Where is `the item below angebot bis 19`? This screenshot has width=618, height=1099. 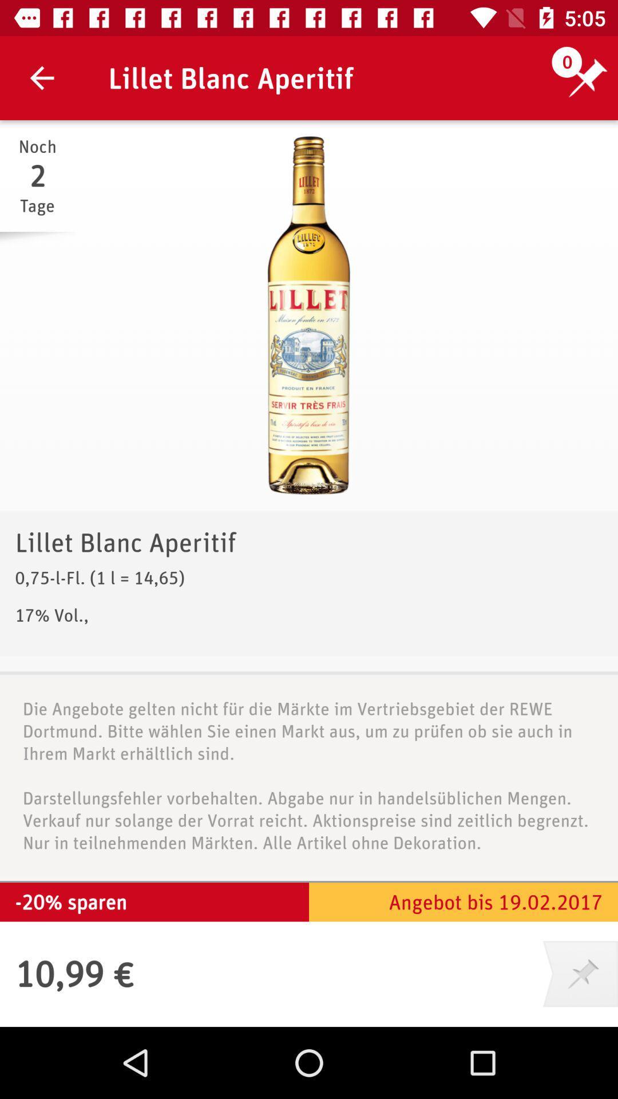
the item below angebot bis 19 is located at coordinates (580, 973).